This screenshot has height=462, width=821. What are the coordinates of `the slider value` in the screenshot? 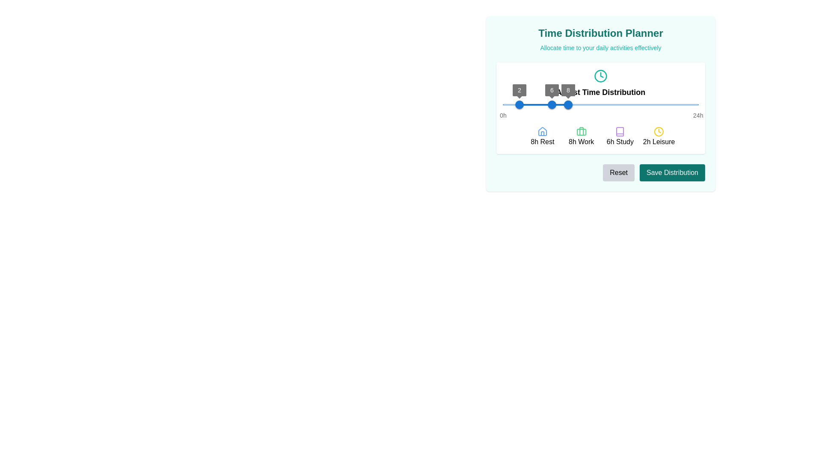 It's located at (517, 104).